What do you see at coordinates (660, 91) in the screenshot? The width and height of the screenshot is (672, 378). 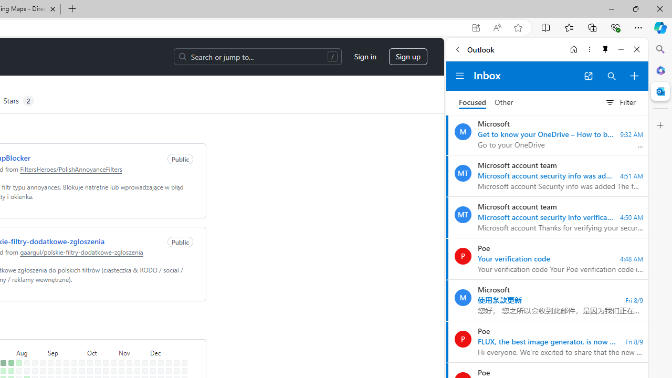 I see `'Close Outlook pane'` at bounding box center [660, 91].